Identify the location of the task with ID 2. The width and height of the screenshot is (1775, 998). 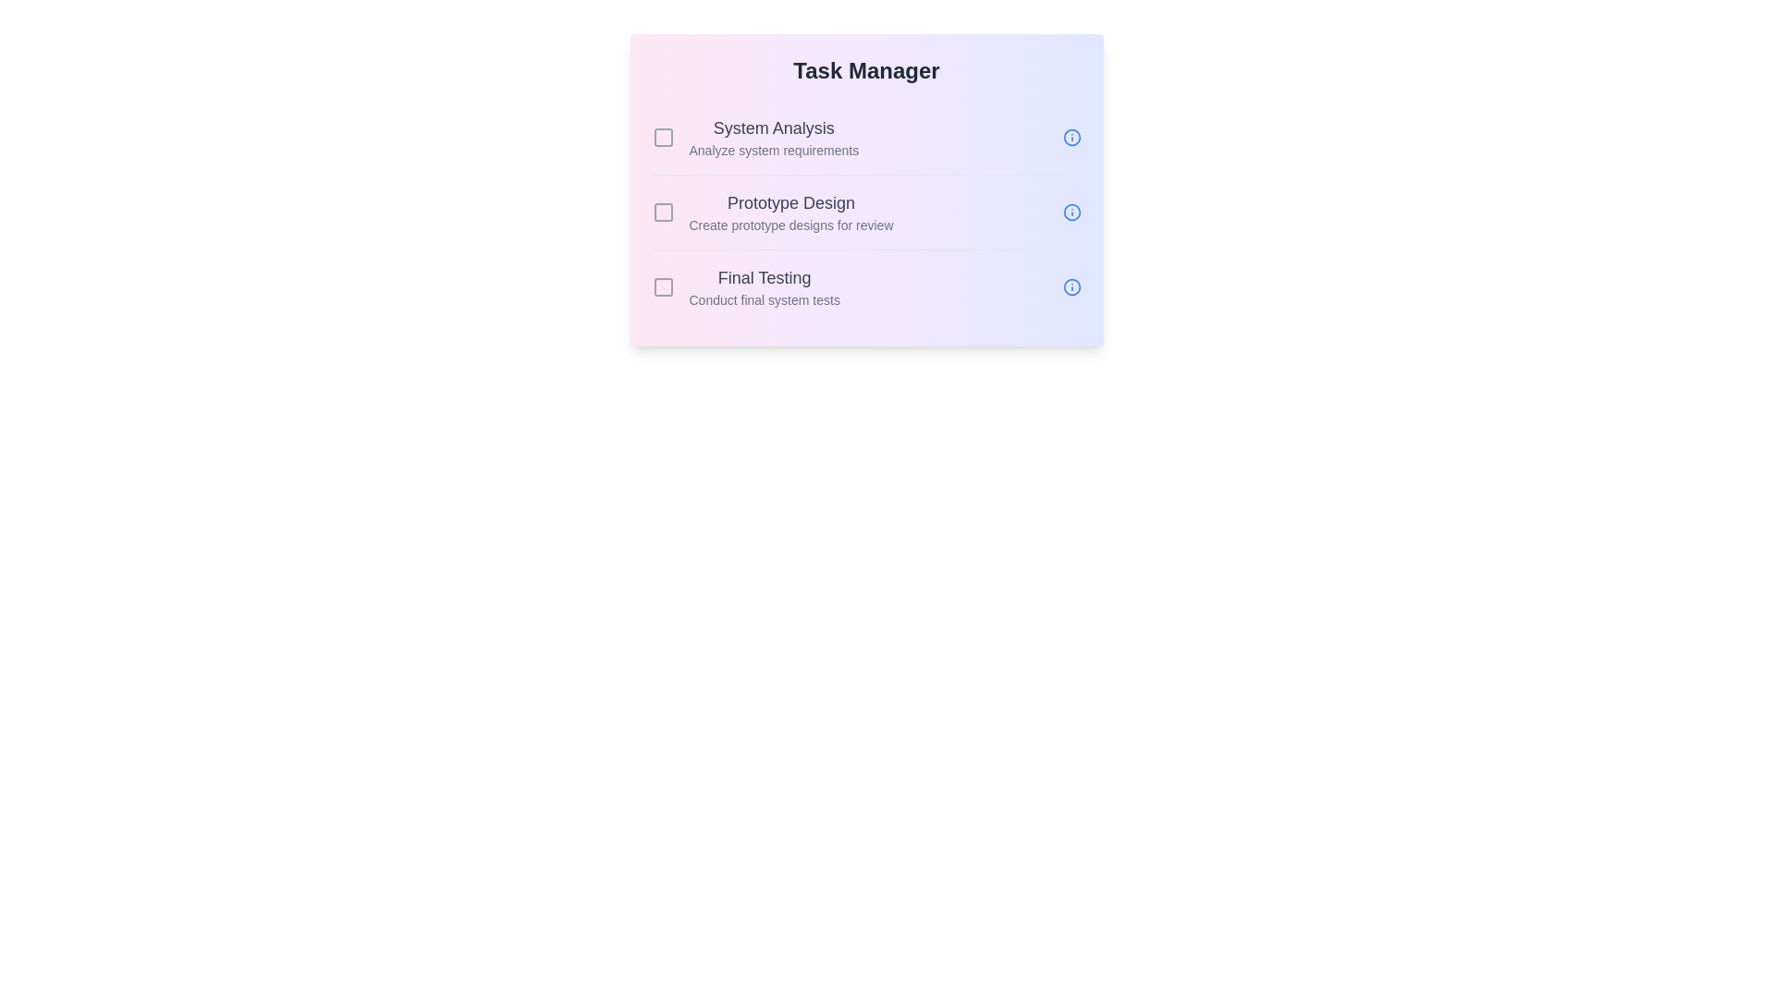
(663, 212).